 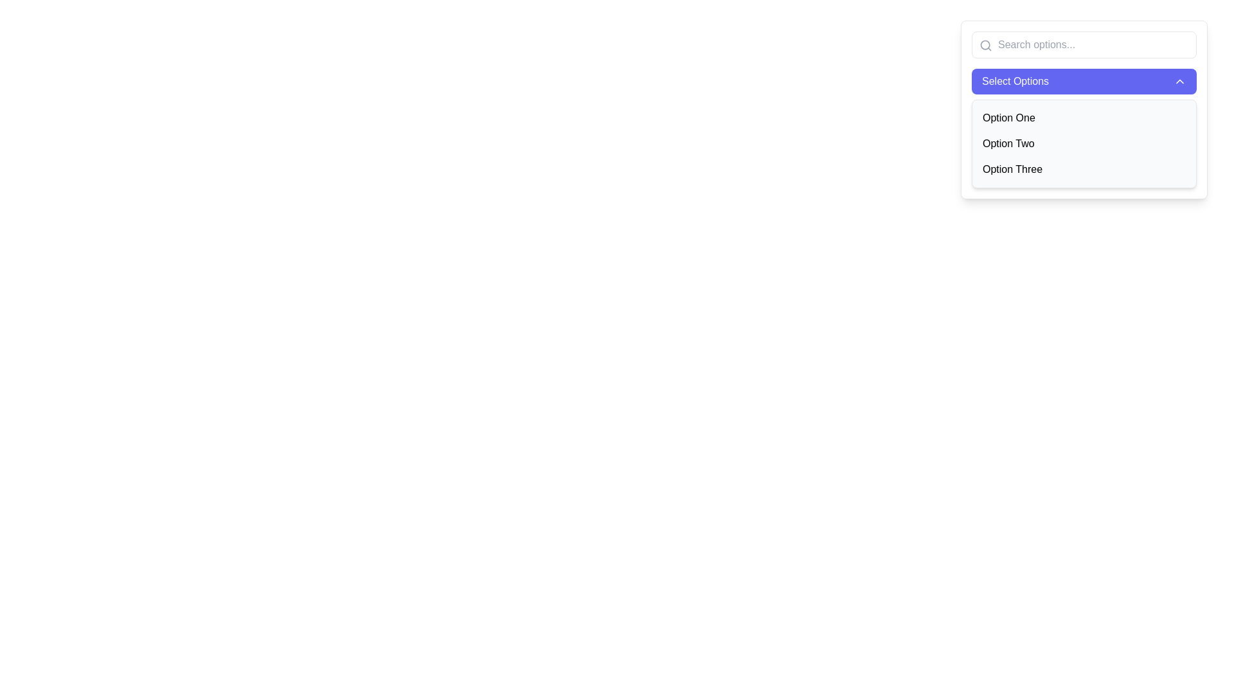 I want to click on the selectable Text label option within the dropdown menu located beneath the 'Select Options' button, which is the first item in the list, so click(x=1008, y=118).